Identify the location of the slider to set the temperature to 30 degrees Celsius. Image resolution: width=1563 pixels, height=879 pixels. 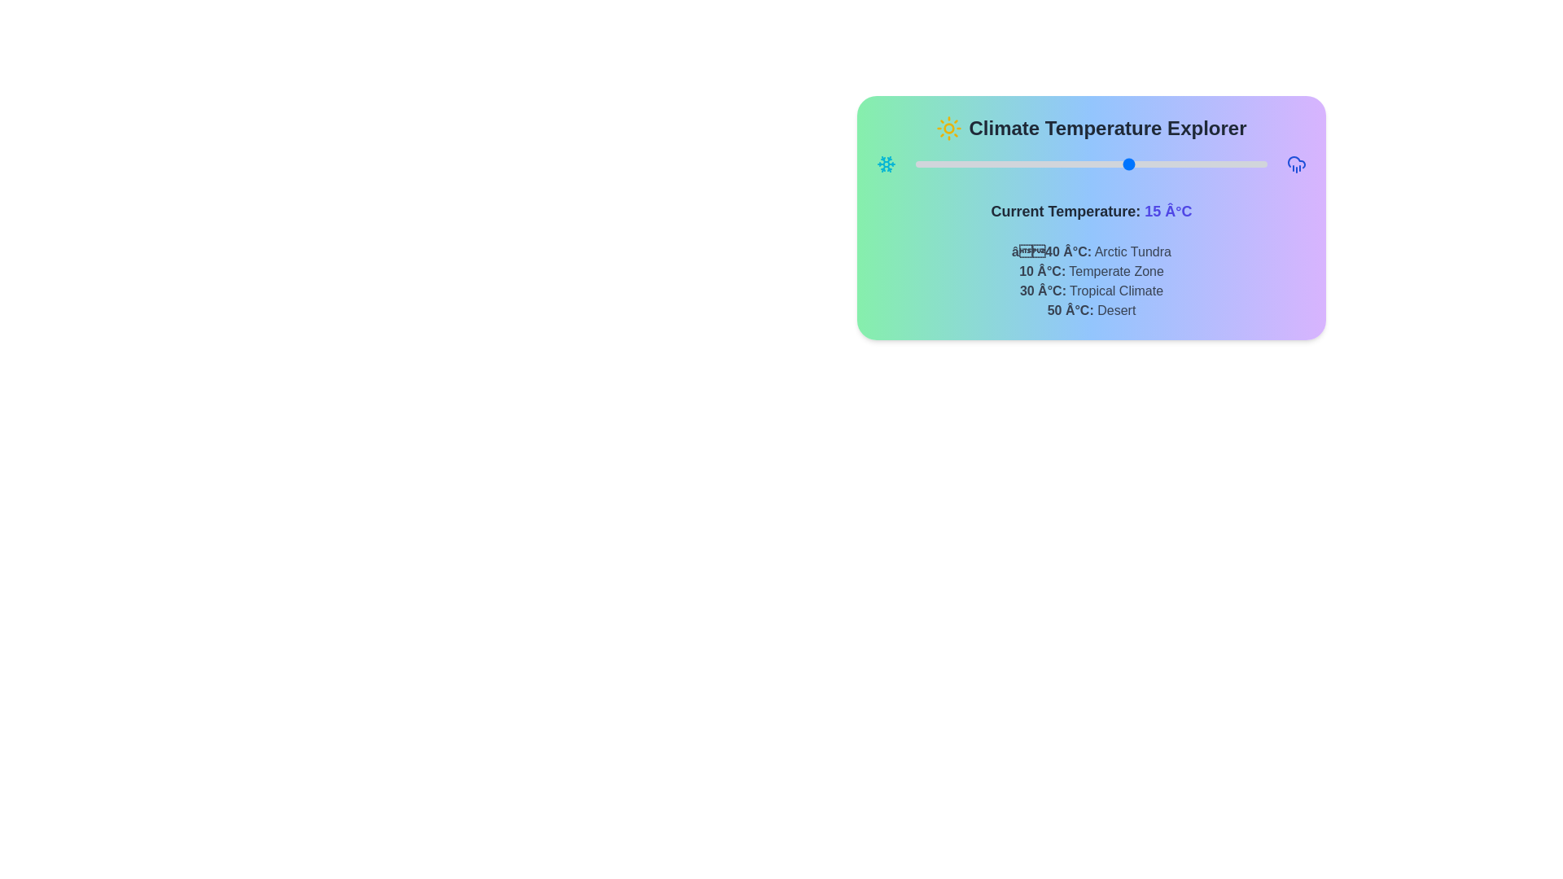
(1189, 164).